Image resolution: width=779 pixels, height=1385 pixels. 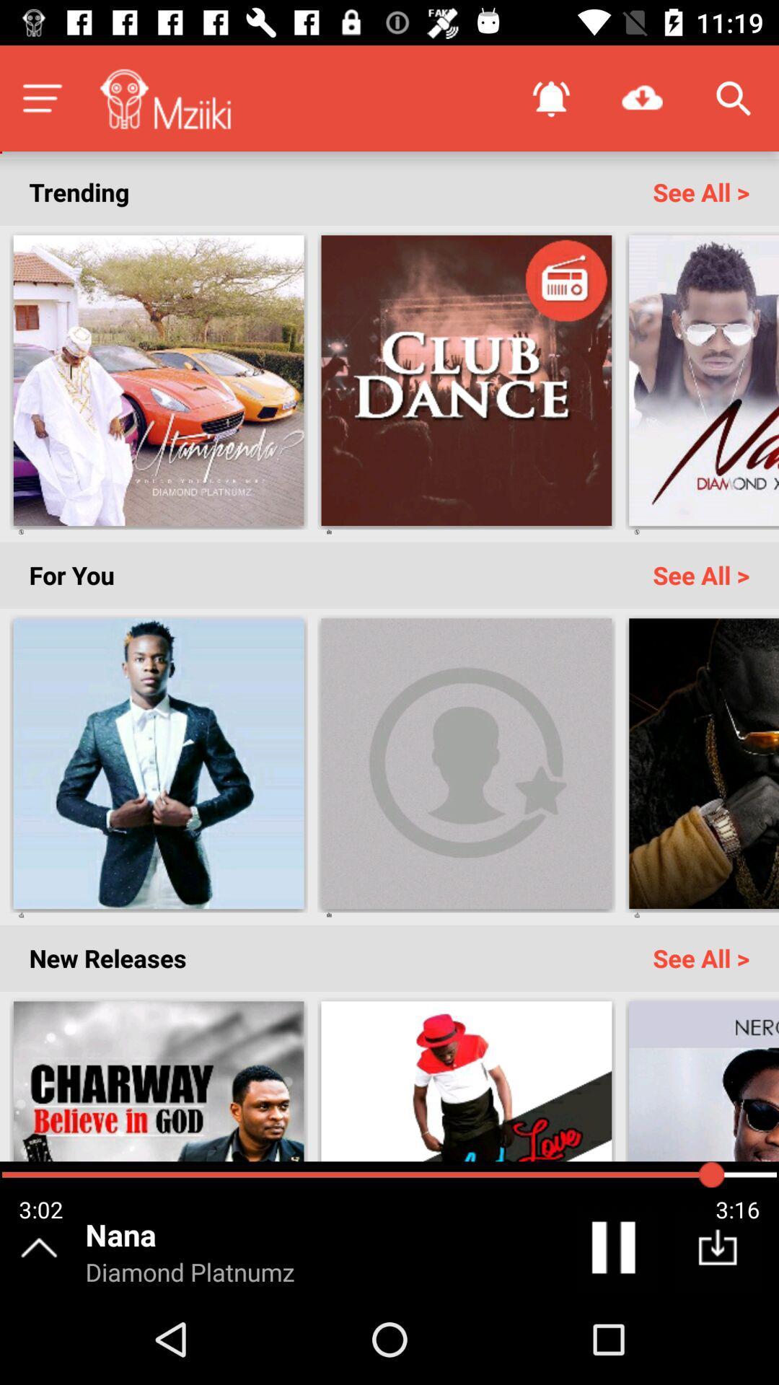 I want to click on the pause icon, so click(x=616, y=1250).